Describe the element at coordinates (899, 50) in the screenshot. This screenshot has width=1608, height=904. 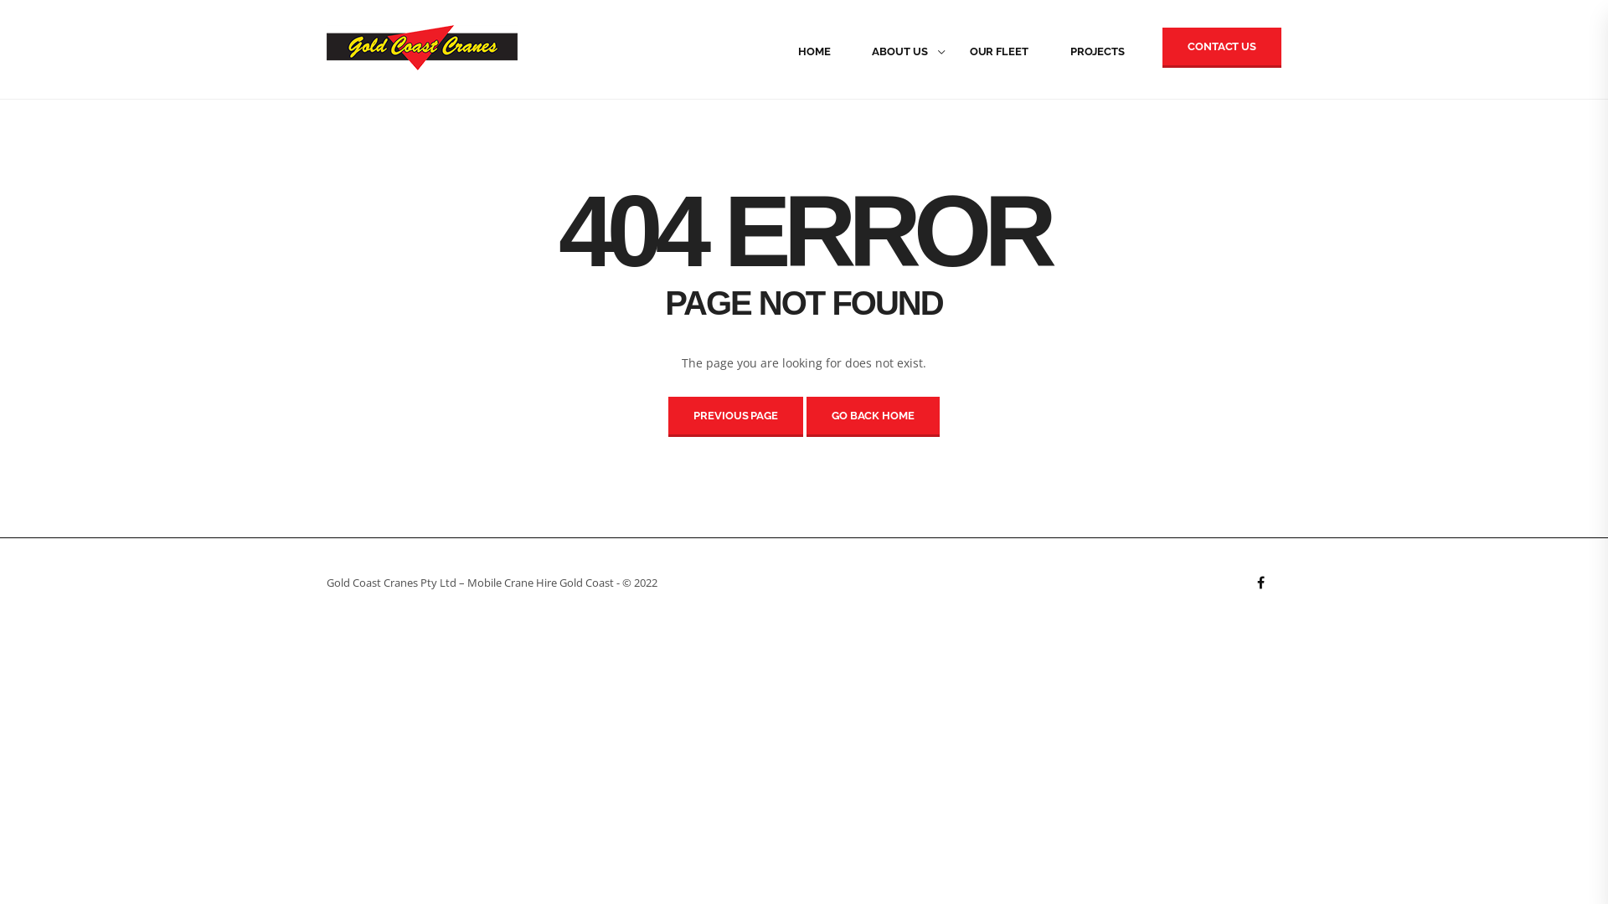
I see `'ABOUT US'` at that location.